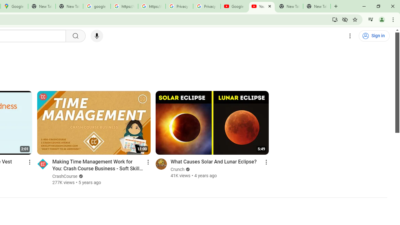  I want to click on 'Control your music, videos, and more', so click(370, 19).